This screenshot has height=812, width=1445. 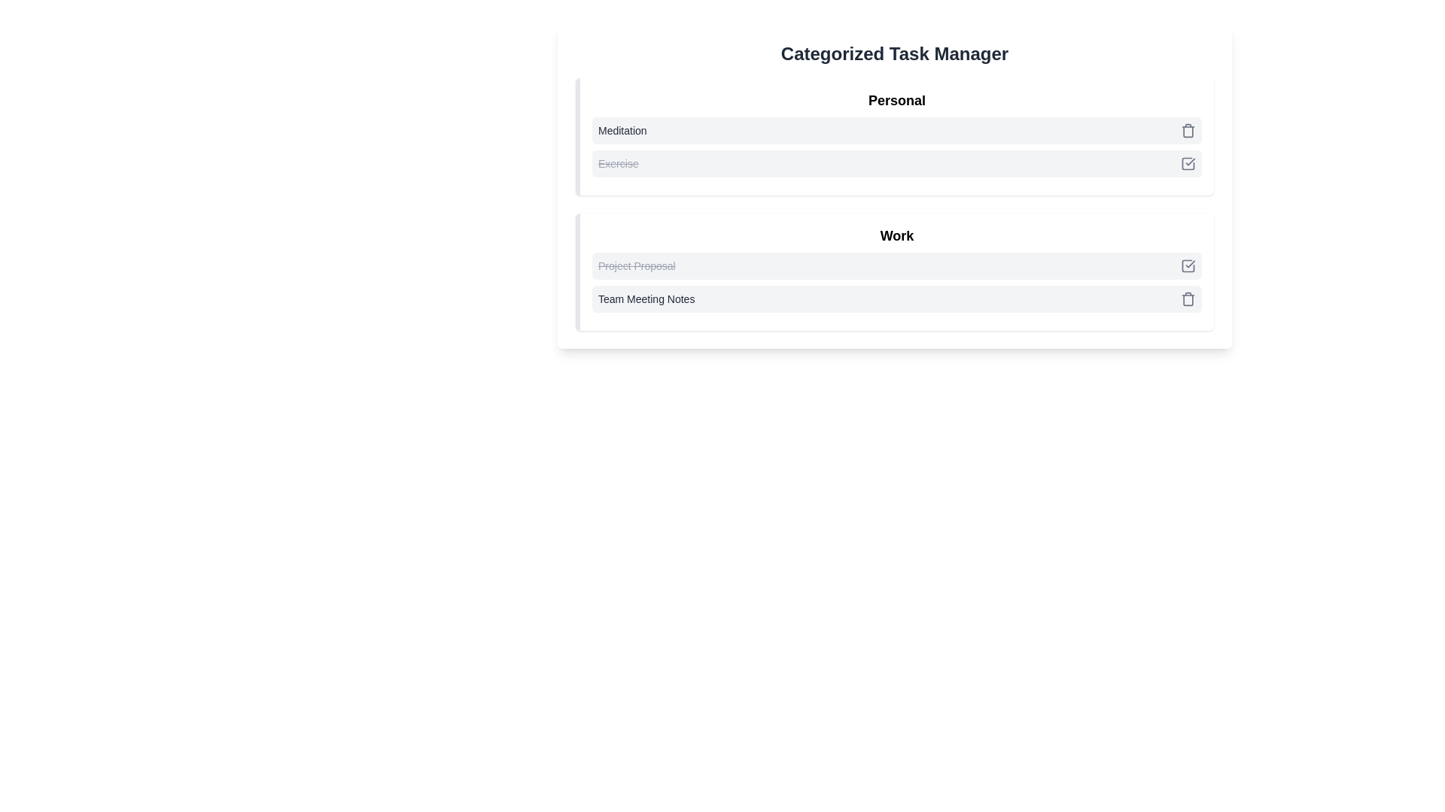 What do you see at coordinates (895, 136) in the screenshot?
I see `the 'Personal' section header` at bounding box center [895, 136].